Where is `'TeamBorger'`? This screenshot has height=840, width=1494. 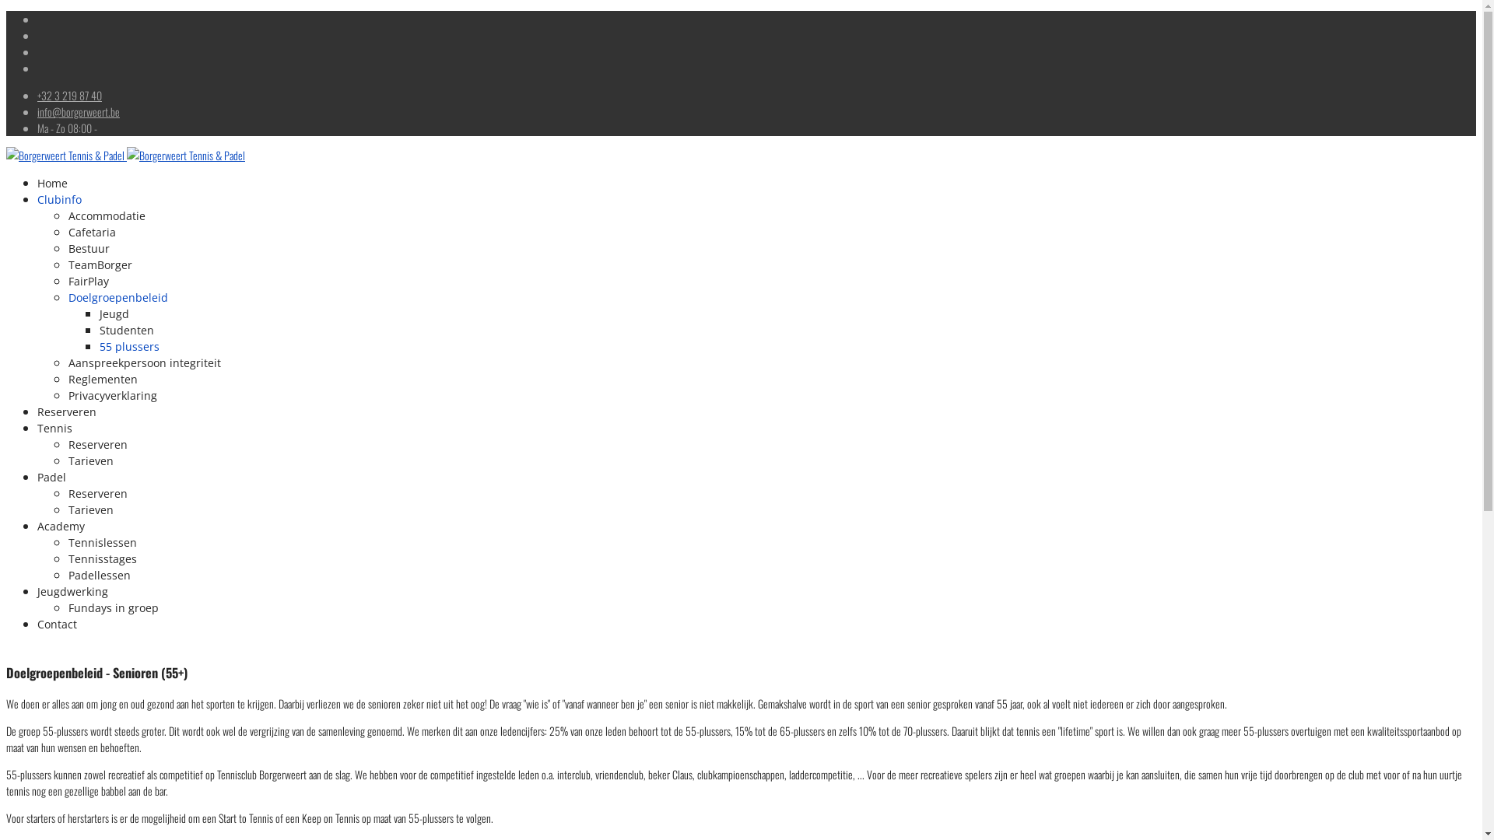
'TeamBorger' is located at coordinates (67, 264).